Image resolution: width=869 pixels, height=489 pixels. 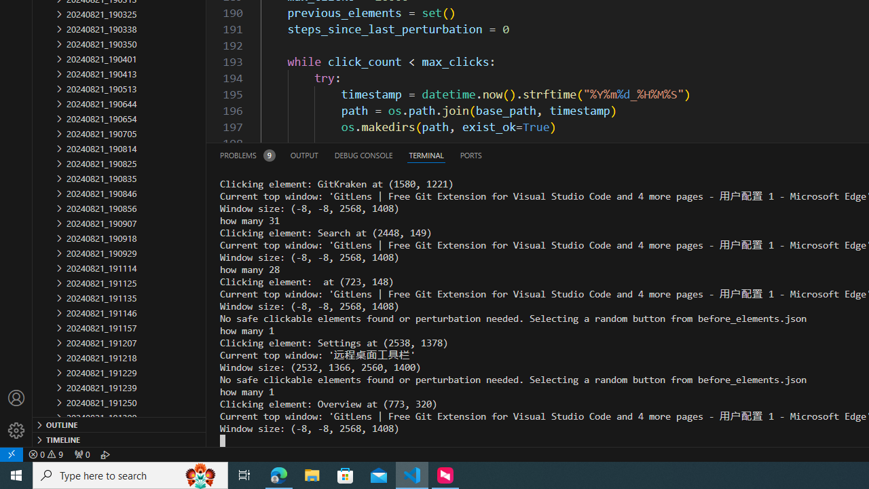 I want to click on 'Debug Console (Ctrl+Shift+Y)', so click(x=363, y=154).